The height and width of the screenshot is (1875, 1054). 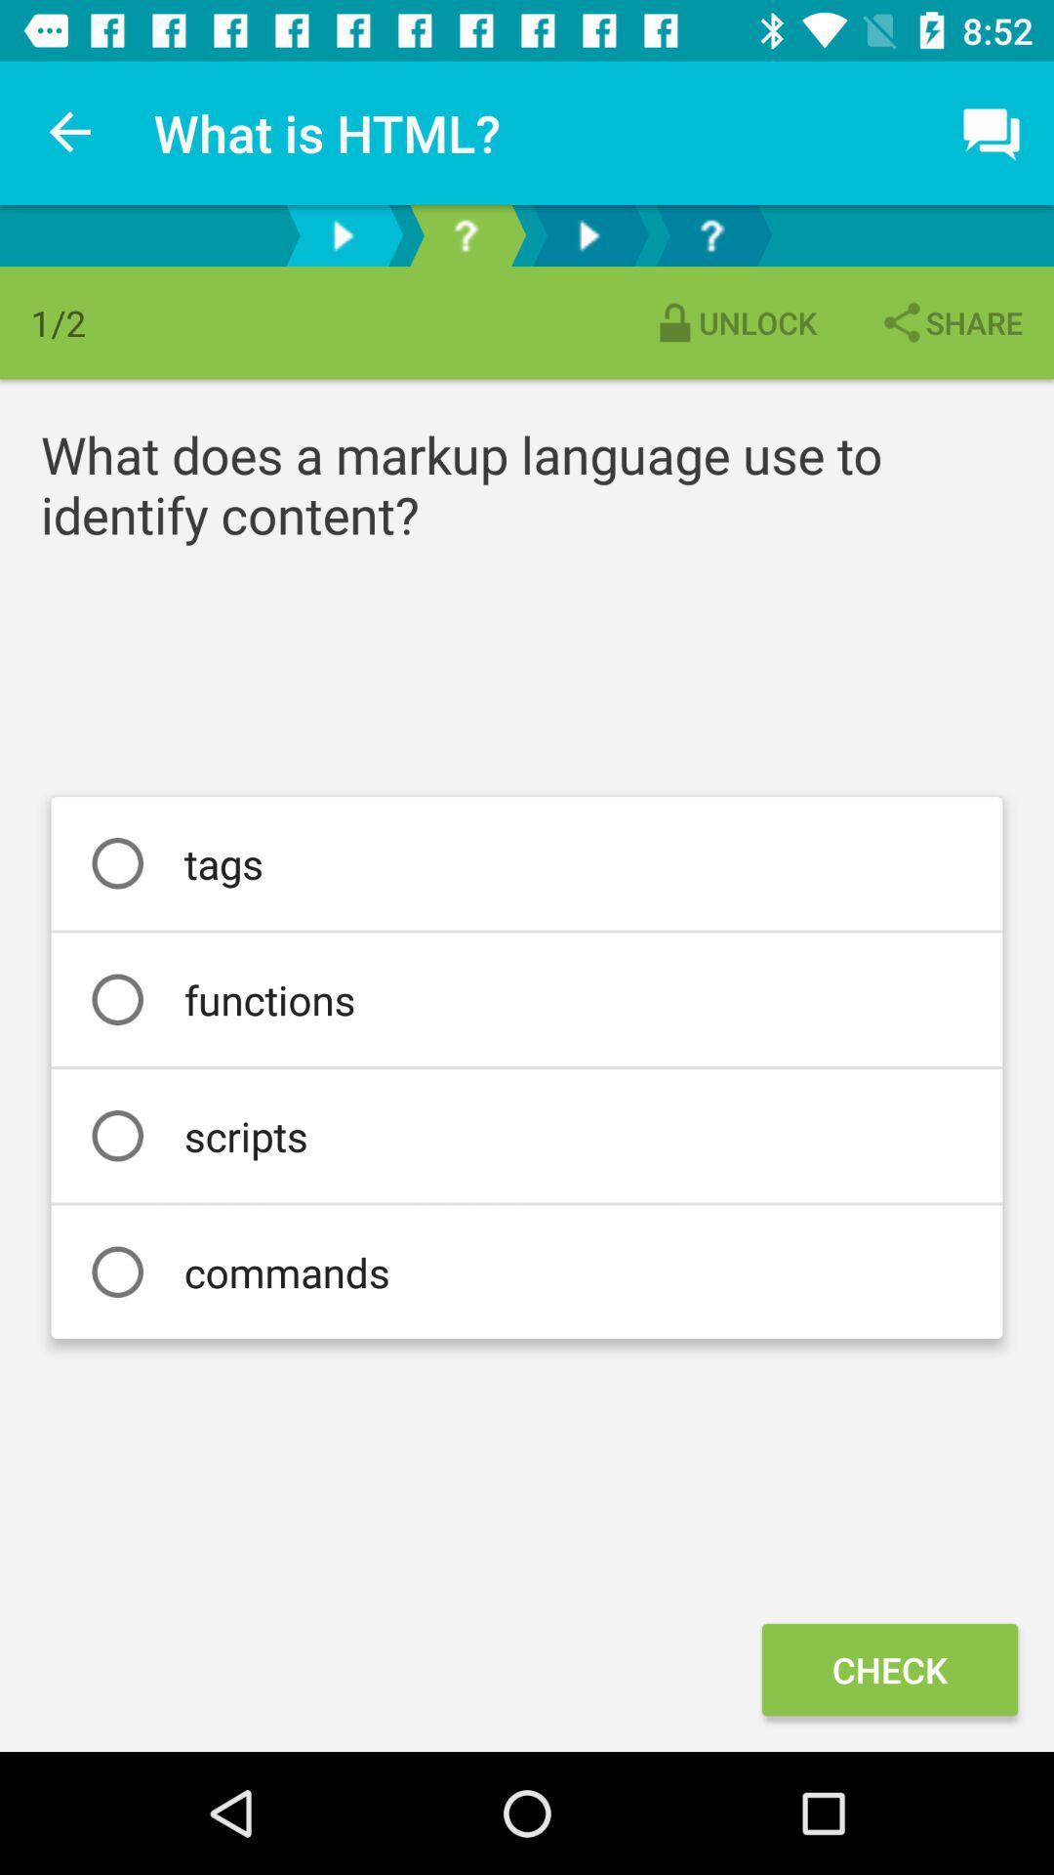 I want to click on the item above share icon, so click(x=993, y=132).